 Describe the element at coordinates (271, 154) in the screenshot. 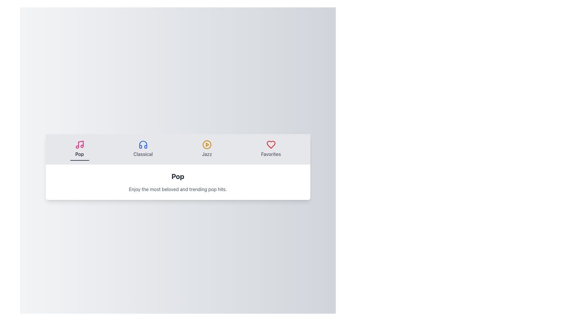

I see `the static text label 'Favorites' which is positioned below the heart icon in the top-right horizontal menu` at that location.